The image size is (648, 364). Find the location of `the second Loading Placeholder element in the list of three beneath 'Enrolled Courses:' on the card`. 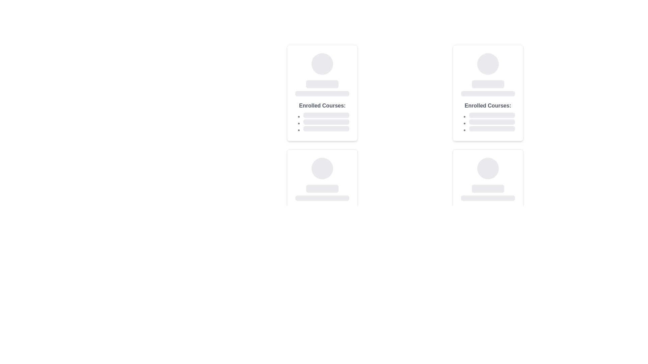

the second Loading Placeholder element in the list of three beneath 'Enrolled Courses:' on the card is located at coordinates (326, 122).